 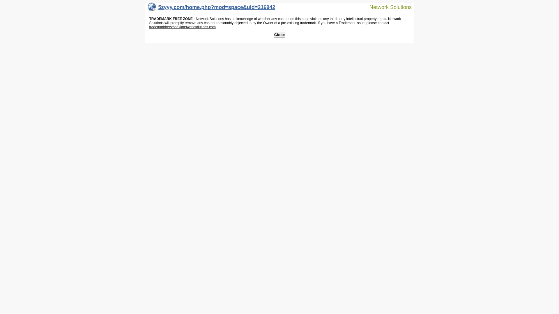 I want to click on 'trademarkfreezone@networksolutions.com', so click(x=182, y=27).